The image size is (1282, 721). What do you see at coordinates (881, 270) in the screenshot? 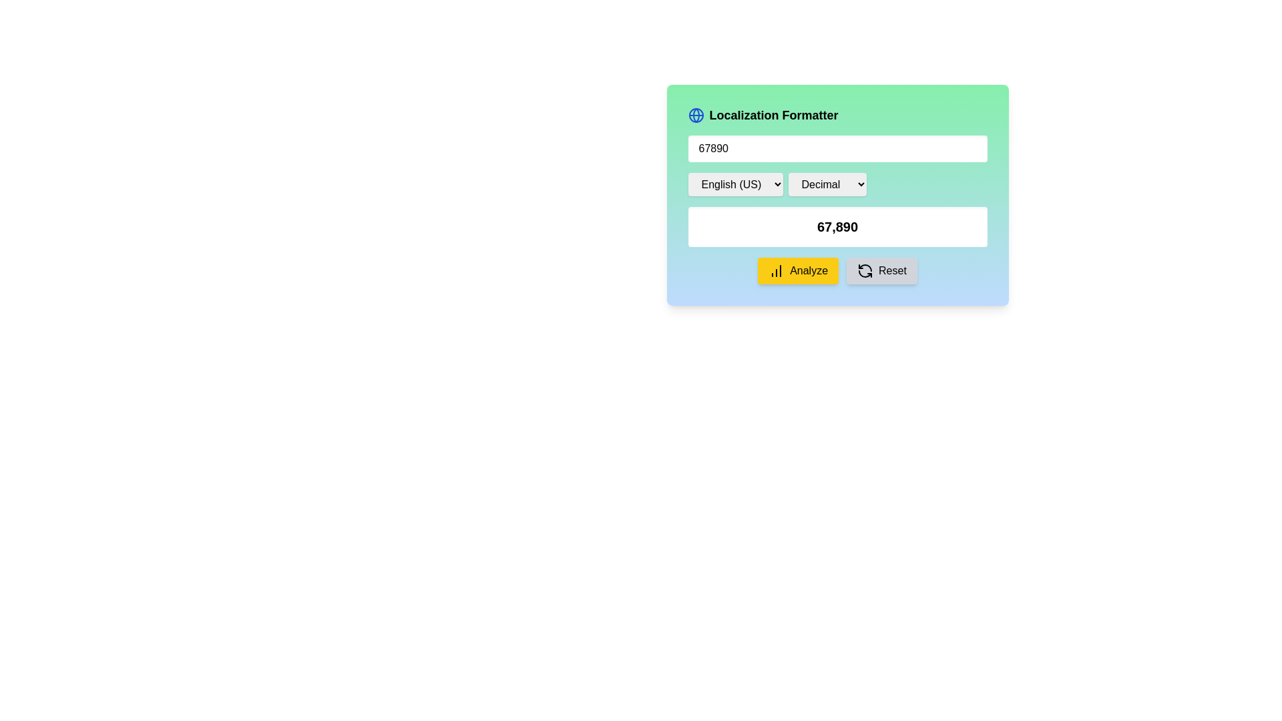
I see `the rectangular 'Reset' button with a light gray background and a black refresh icon` at bounding box center [881, 270].